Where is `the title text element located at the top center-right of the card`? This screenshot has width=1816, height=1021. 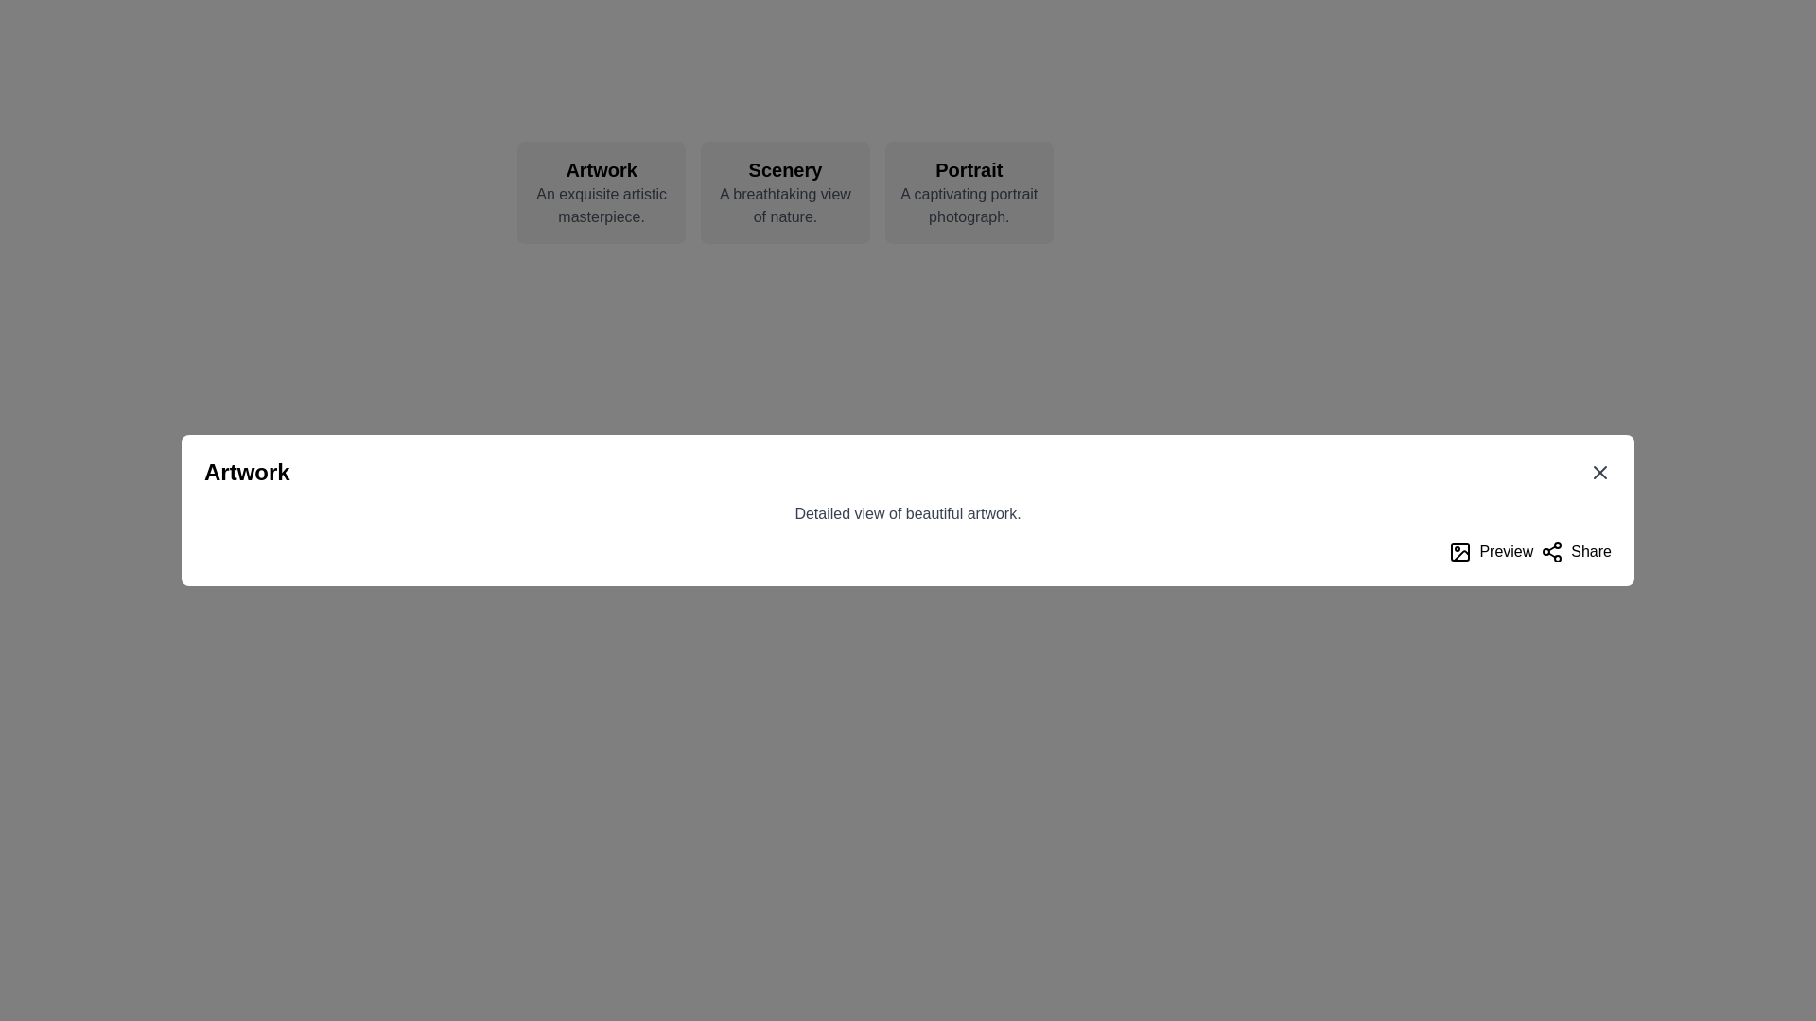
the title text element located at the top center-right of the card is located at coordinates (969, 170).